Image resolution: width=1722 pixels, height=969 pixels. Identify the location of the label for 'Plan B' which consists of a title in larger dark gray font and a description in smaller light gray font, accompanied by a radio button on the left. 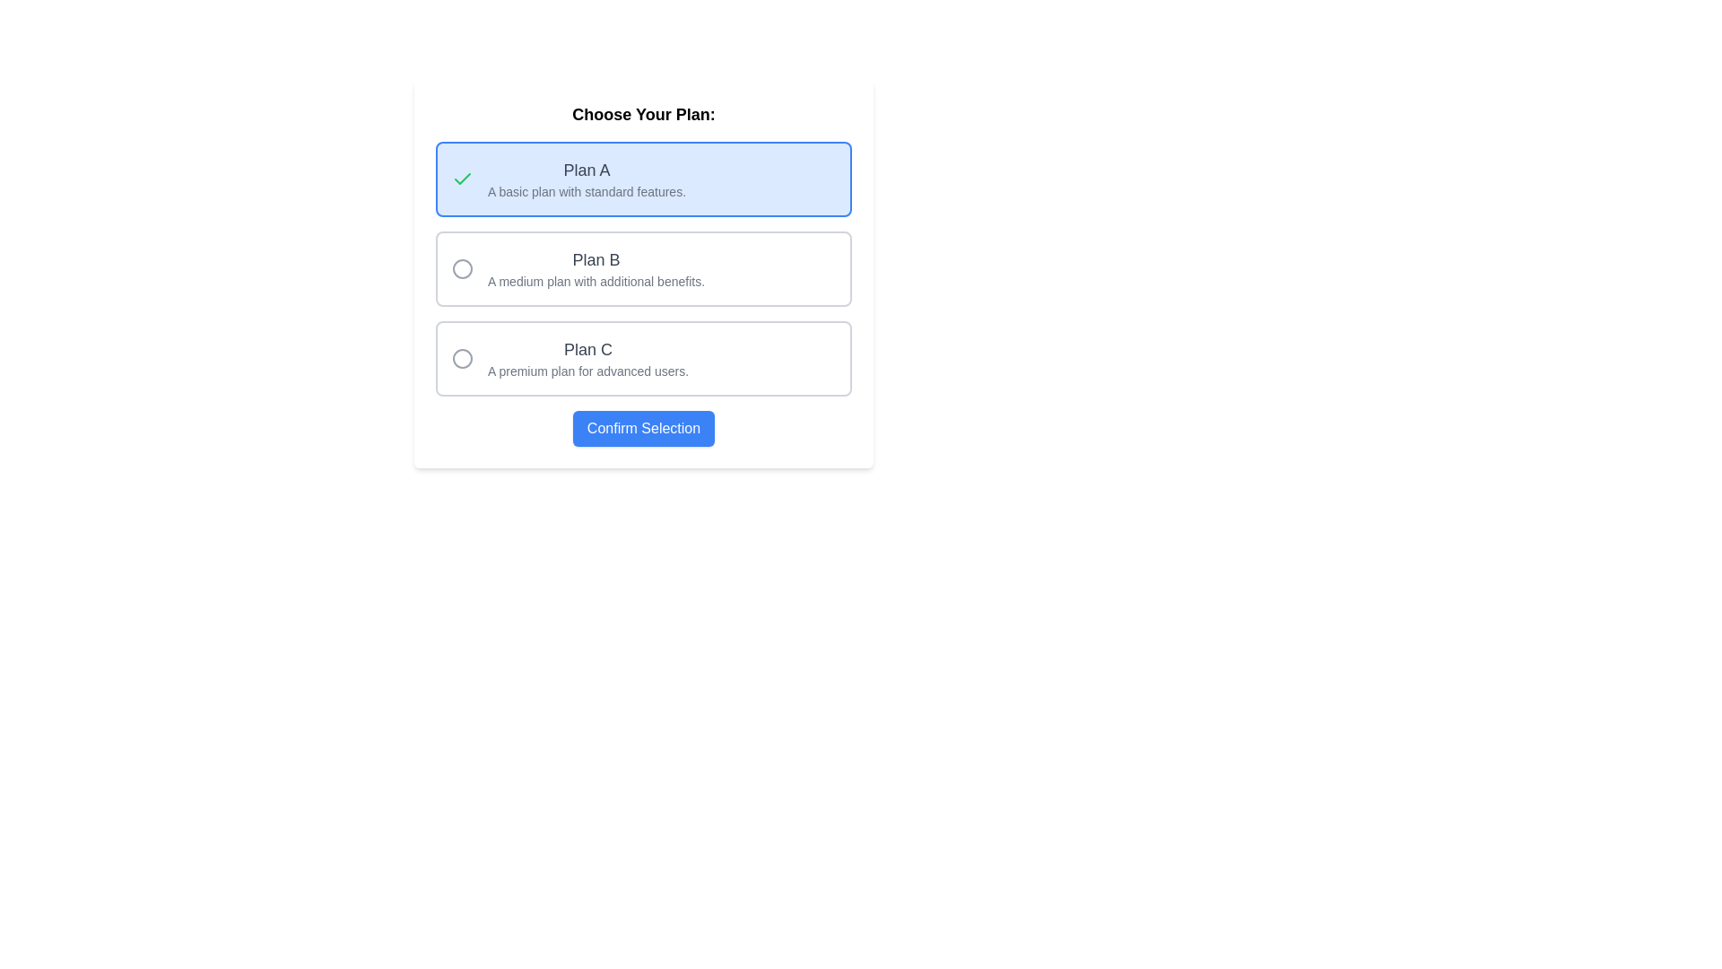
(578, 269).